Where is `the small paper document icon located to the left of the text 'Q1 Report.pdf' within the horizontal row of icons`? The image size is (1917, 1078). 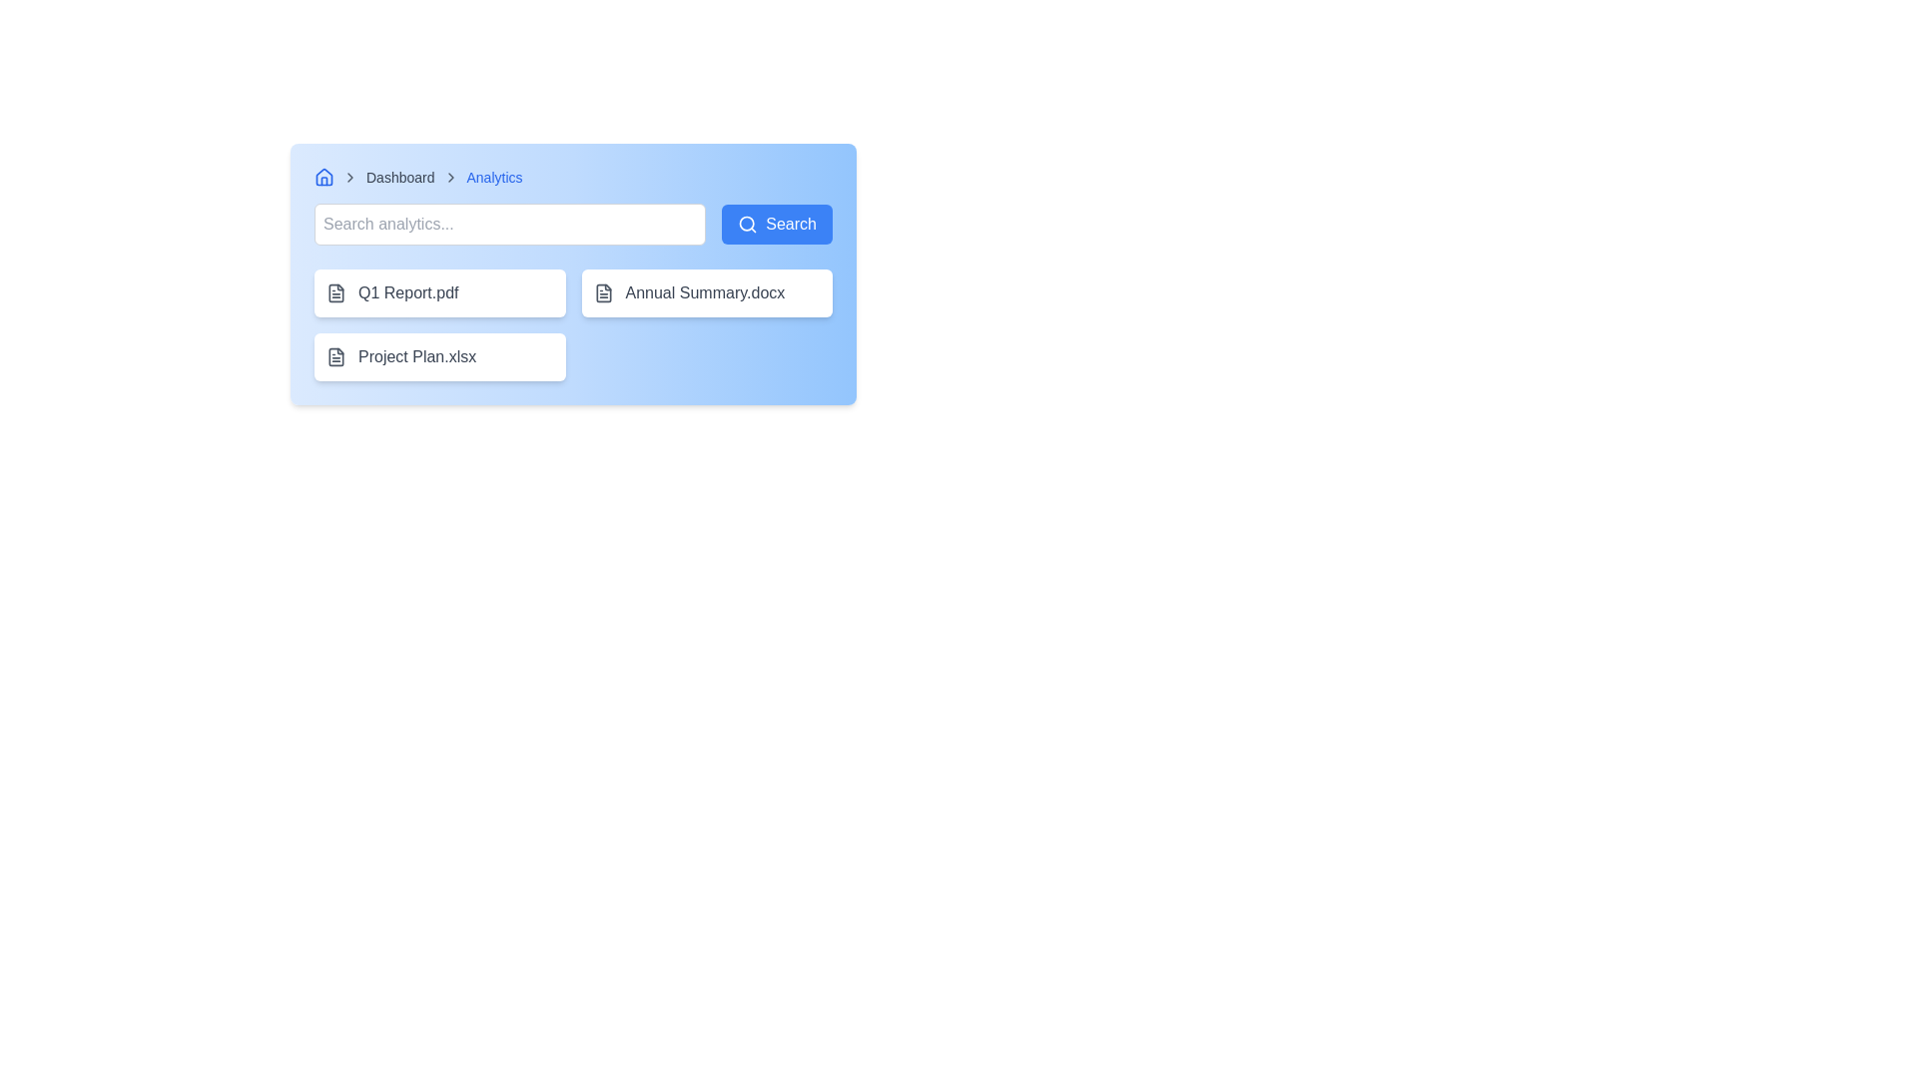
the small paper document icon located to the left of the text 'Q1 Report.pdf' within the horizontal row of icons is located at coordinates (335, 292).